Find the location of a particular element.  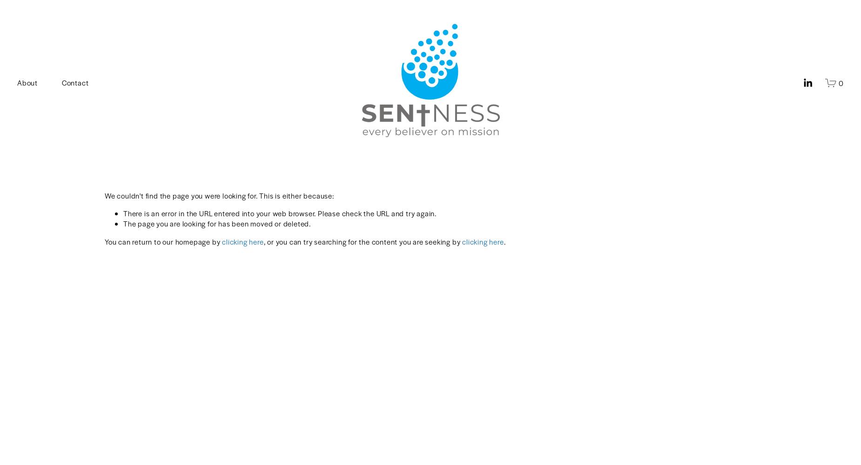

'Contact' is located at coordinates (74, 82).